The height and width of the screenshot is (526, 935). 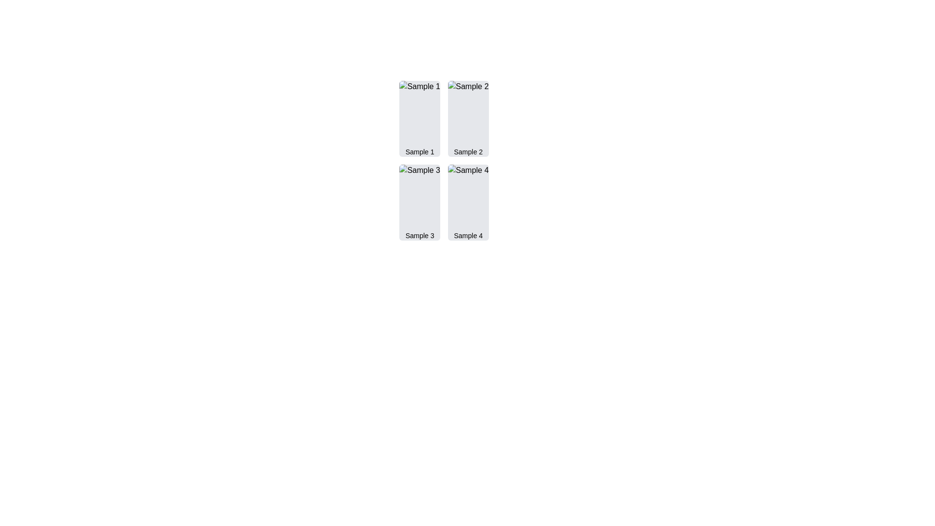 What do you see at coordinates (420, 202) in the screenshot?
I see `the Content card or item placeholder labeled 'Sample 3', which is a vertically rectangular component with a light gray background and slightly rounded corners, located in the lower-left quadrant of the grid layout` at bounding box center [420, 202].